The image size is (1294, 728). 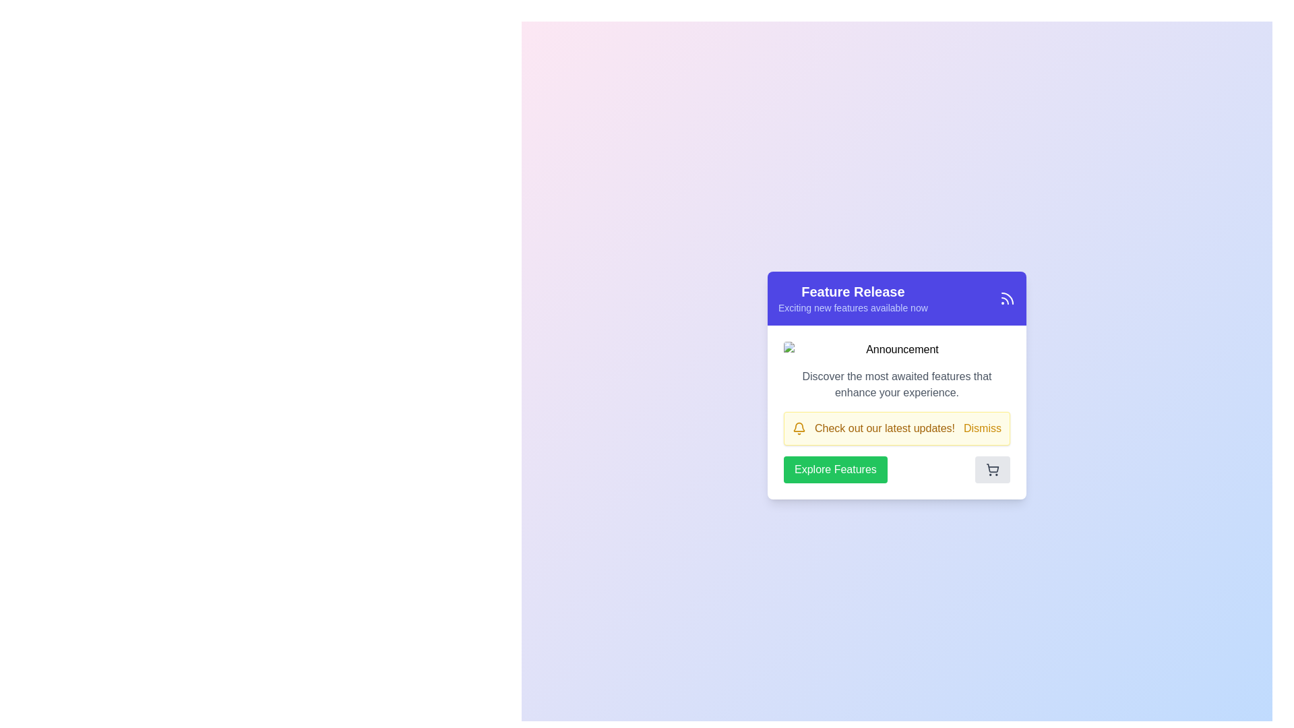 What do you see at coordinates (1007, 298) in the screenshot?
I see `the RSS feed icon located at the top-right corner of the feature release announcement card` at bounding box center [1007, 298].